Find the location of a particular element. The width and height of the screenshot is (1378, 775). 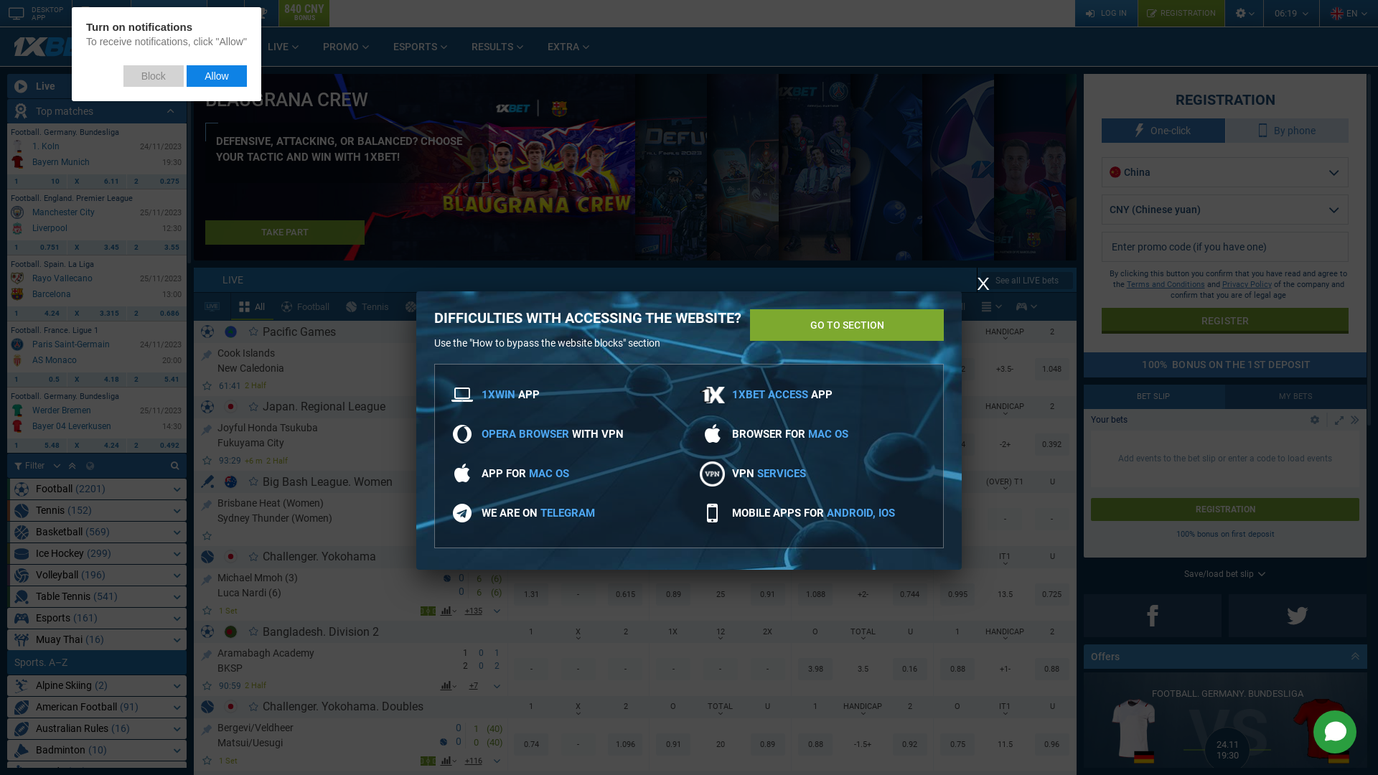

'Esports is located at coordinates (95, 617).